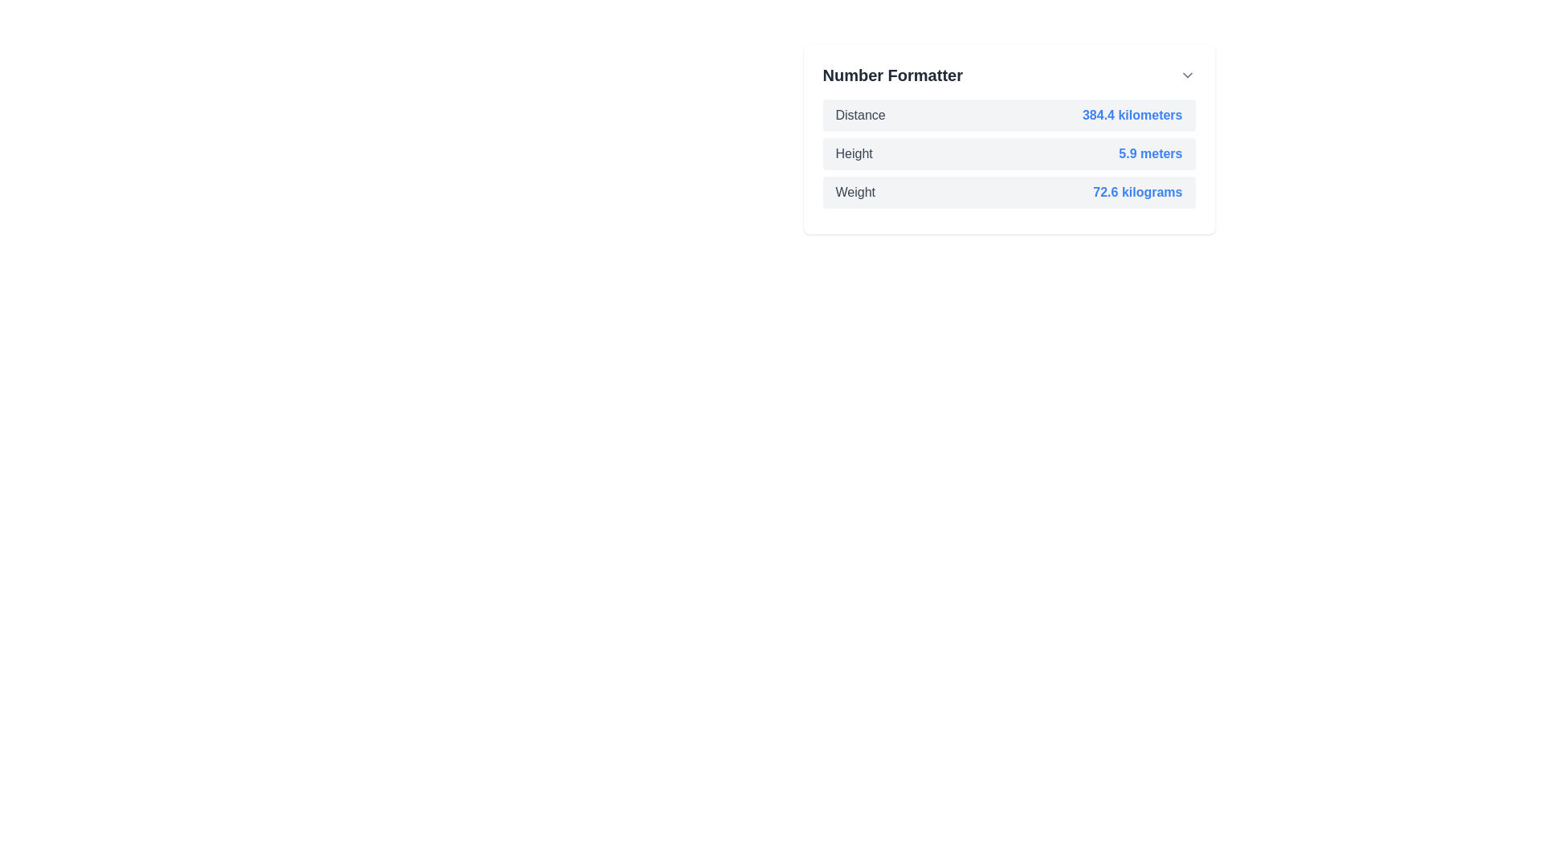 The image size is (1542, 867). Describe the element at coordinates (1149, 154) in the screenshot. I see `height measurement value displayed in the Text Display element located in the second row of the list, following the 'Height' label` at that location.